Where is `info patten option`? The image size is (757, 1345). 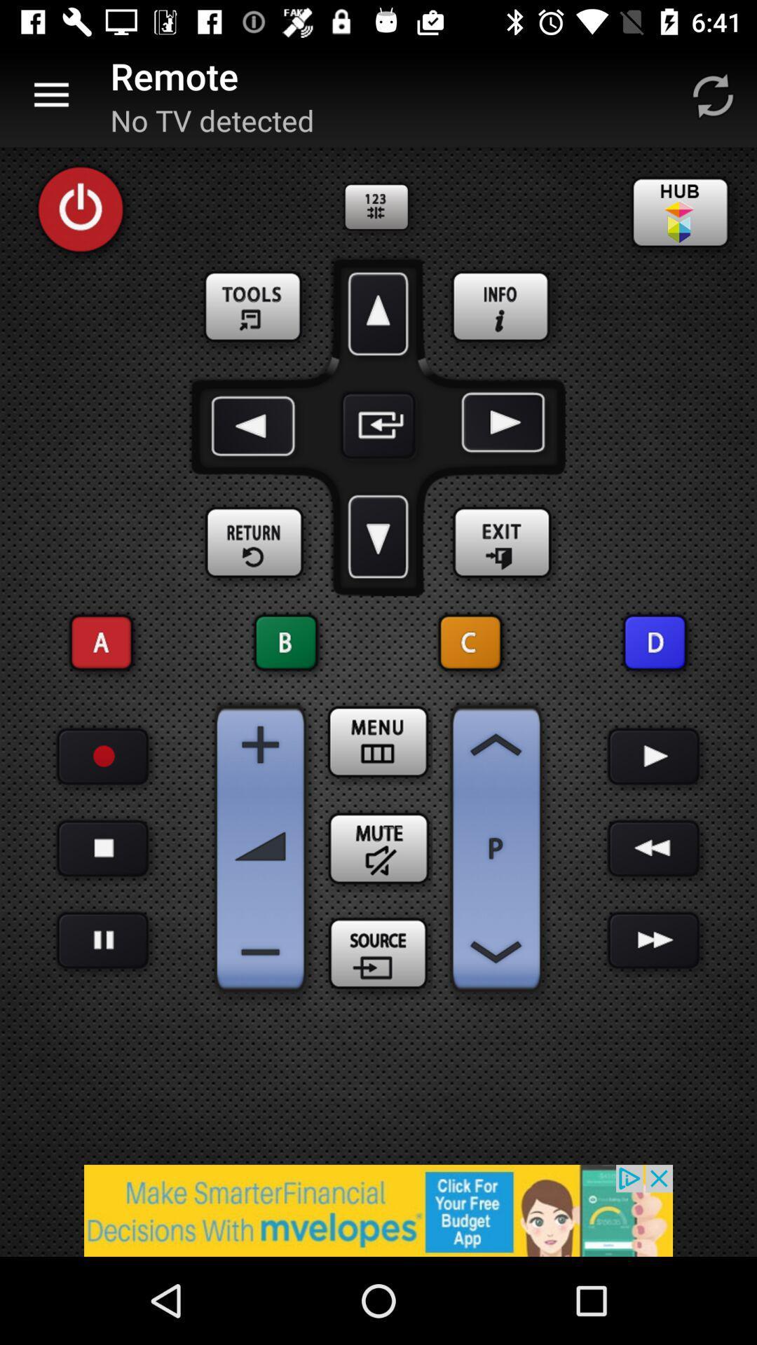 info patten option is located at coordinates (501, 307).